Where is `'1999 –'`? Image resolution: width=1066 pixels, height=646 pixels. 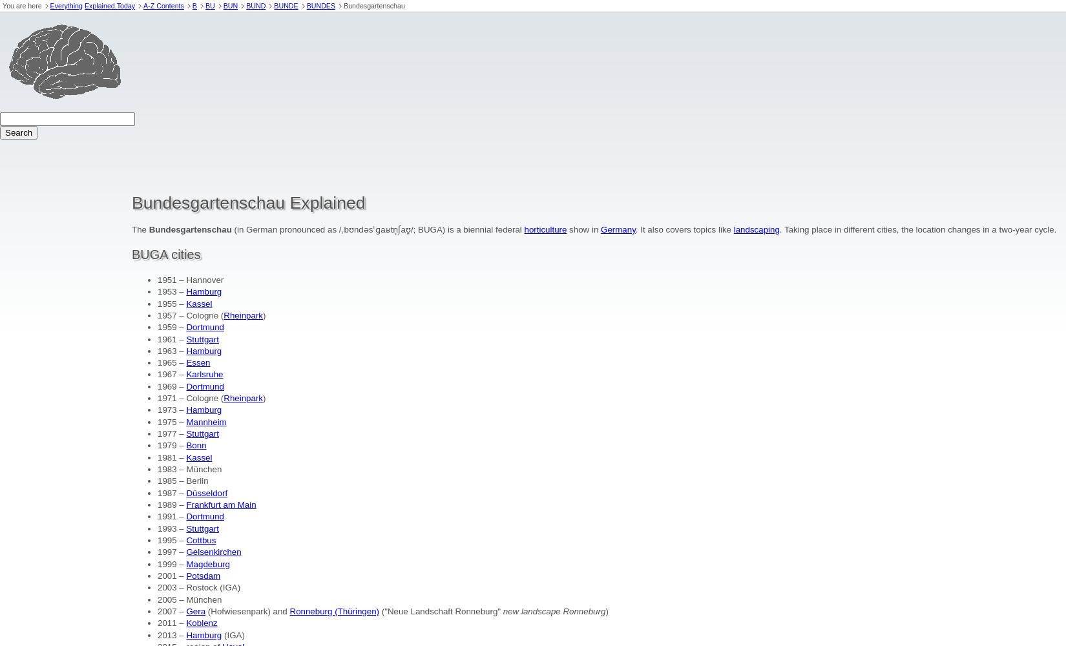 '1999 –' is located at coordinates (171, 563).